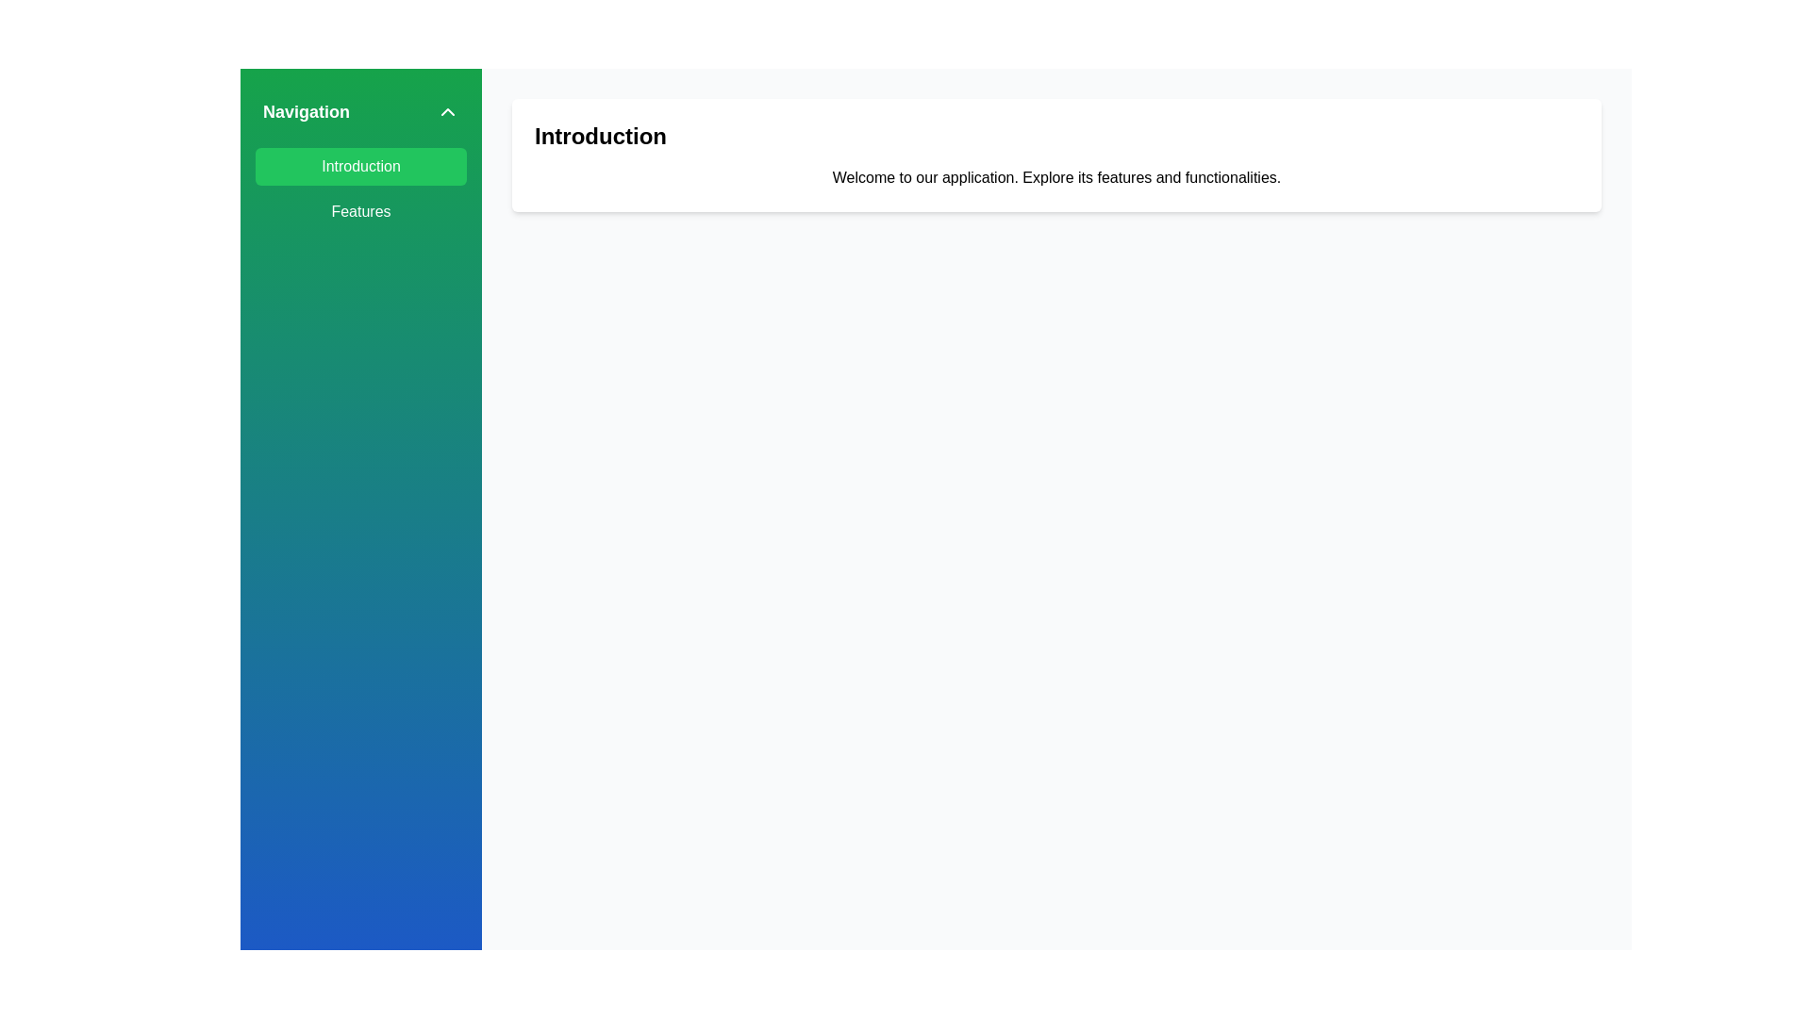 This screenshot has width=1811, height=1018. What do you see at coordinates (447, 112) in the screenshot?
I see `the upward-pointing chevron icon with a white outline and green background located in the header of the sidebar menu next to the text 'Navigation'` at bounding box center [447, 112].